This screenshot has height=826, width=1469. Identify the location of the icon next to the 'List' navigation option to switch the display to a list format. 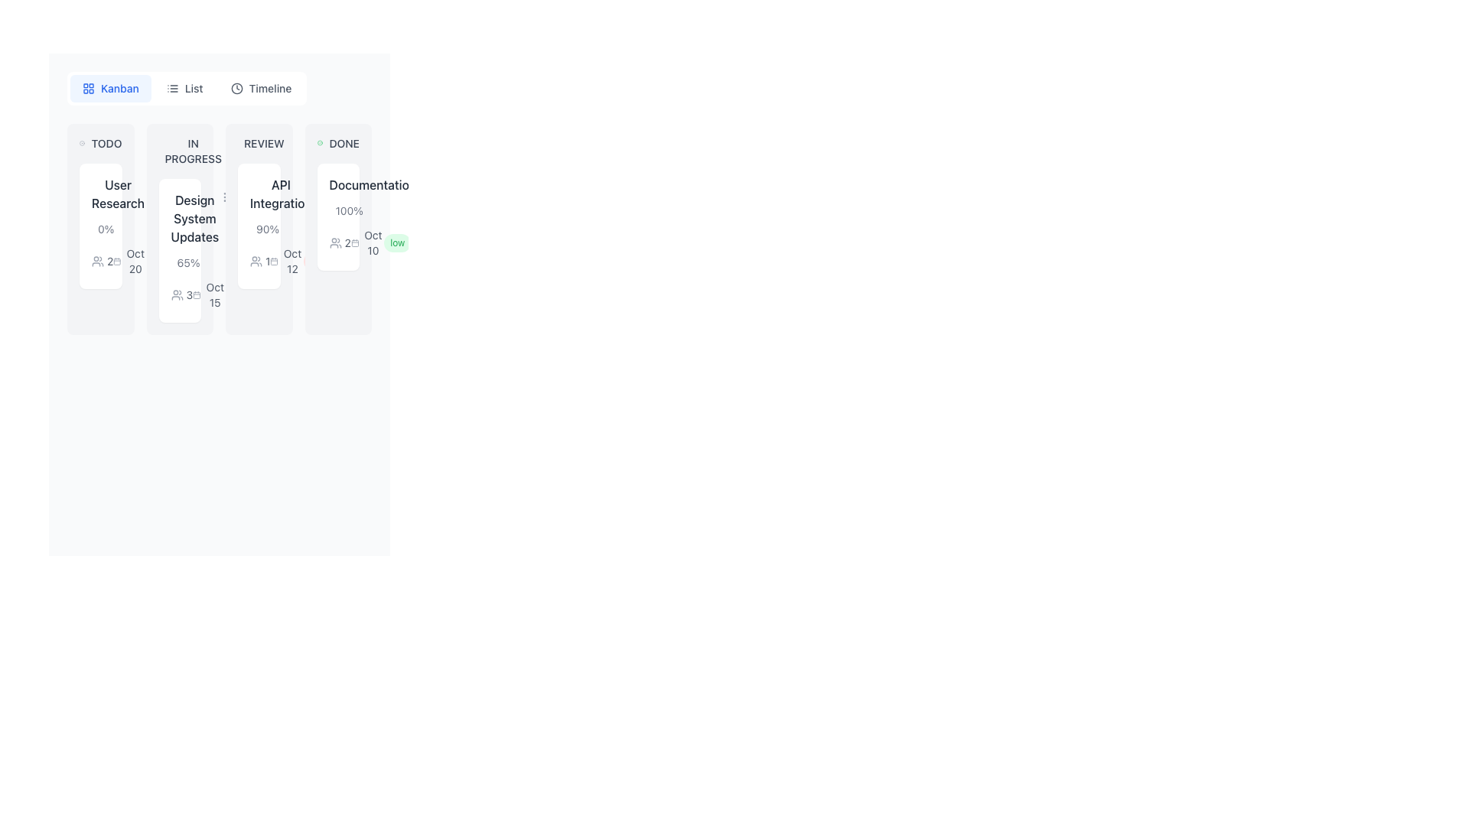
(172, 88).